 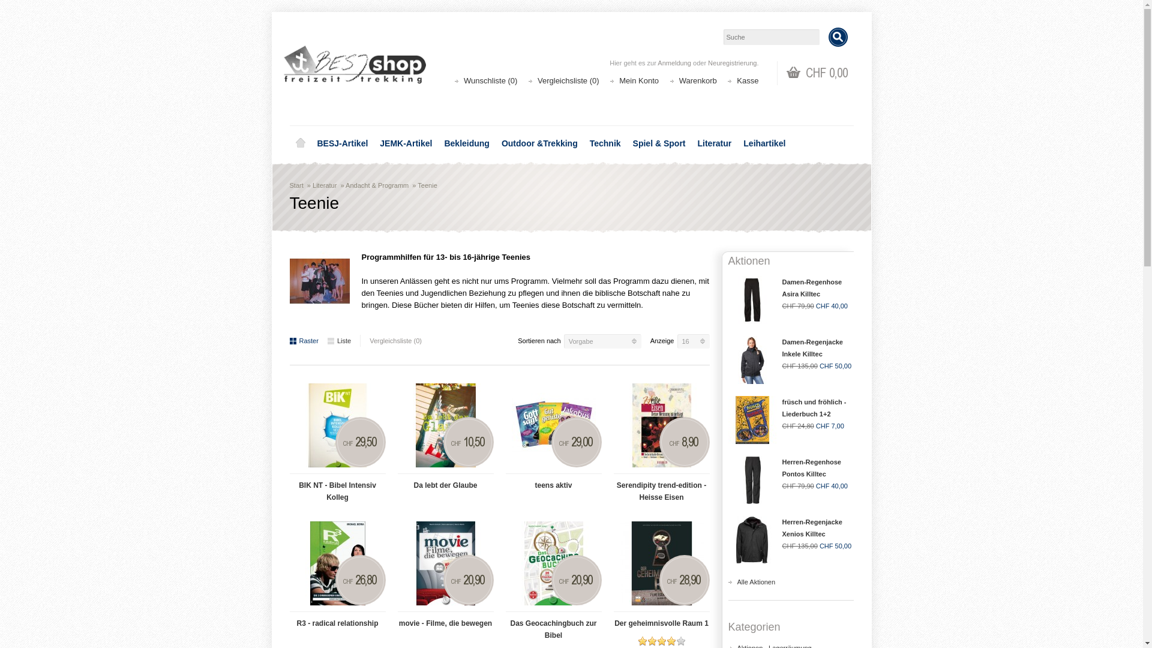 I want to click on 'Andacht & Programm', so click(x=376, y=185).